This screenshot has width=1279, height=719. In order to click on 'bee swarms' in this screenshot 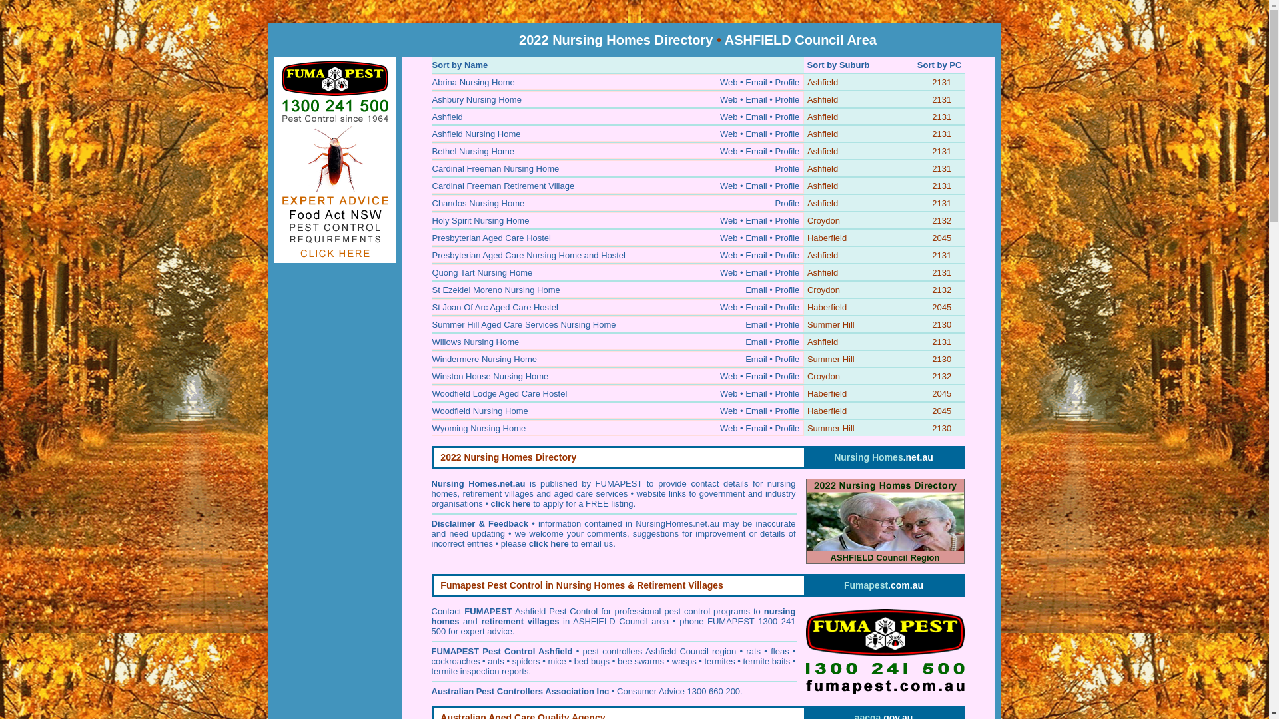, I will do `click(640, 661)`.